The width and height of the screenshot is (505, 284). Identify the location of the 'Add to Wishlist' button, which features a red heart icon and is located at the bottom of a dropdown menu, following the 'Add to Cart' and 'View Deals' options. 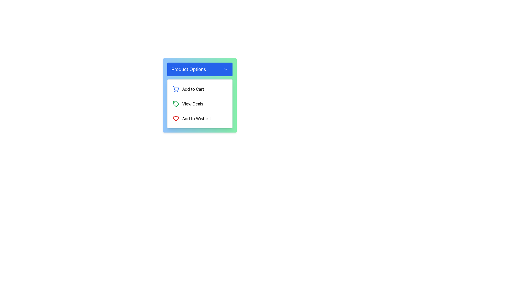
(199, 119).